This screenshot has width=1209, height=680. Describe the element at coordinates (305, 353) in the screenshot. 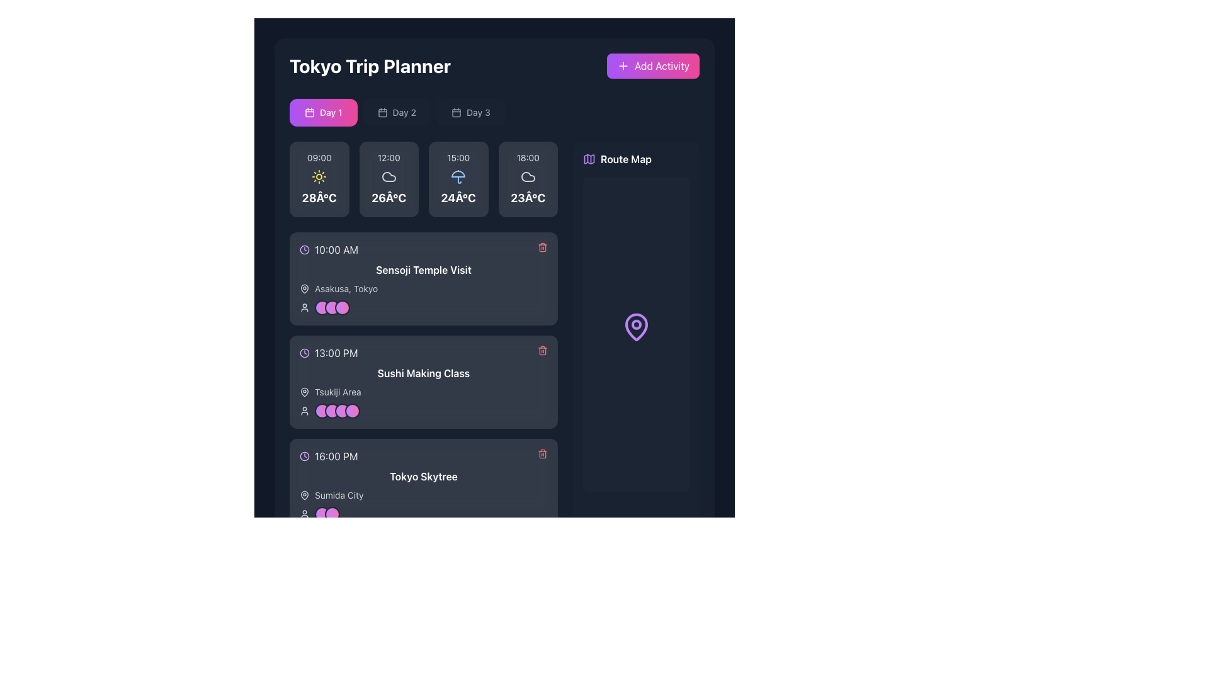

I see `the circular clock icon with a clock hand inside, rendered in light purple, located to the left of the time label '13:00 PM' within the schedule card` at that location.